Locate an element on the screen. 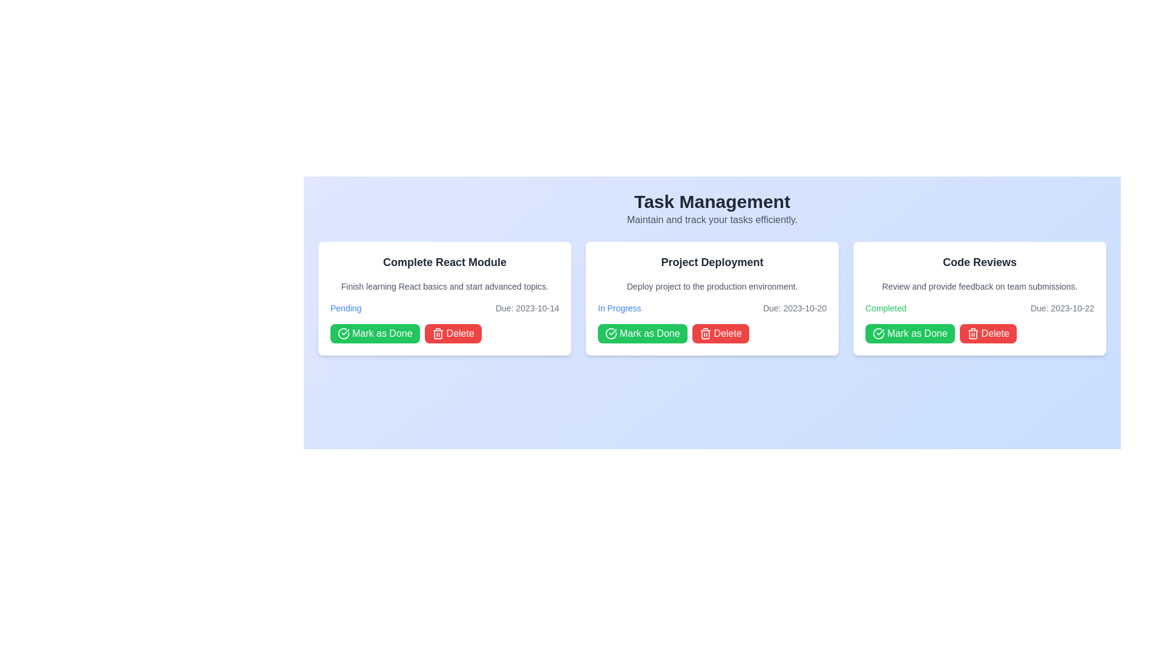 This screenshot has height=653, width=1162. the icon located to the left of the 'Mark as Done' button, which is positioned in the bottom-left area of the 'Complete React Module' card is located at coordinates (343, 333).